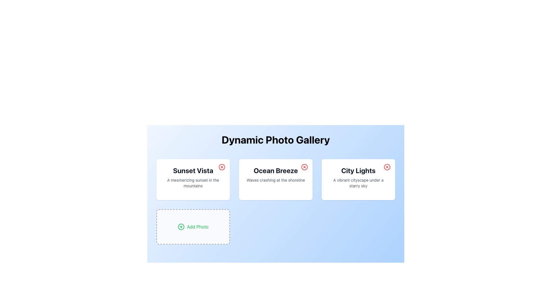 The image size is (547, 307). I want to click on the descriptive text label related to 'City Lights' to possibly trigger a tooltip, so click(358, 183).